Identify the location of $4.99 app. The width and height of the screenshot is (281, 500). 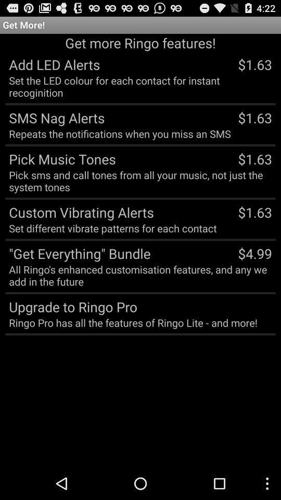
(254, 253).